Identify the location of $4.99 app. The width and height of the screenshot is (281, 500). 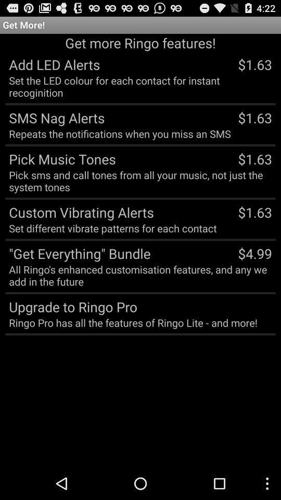
(254, 253).